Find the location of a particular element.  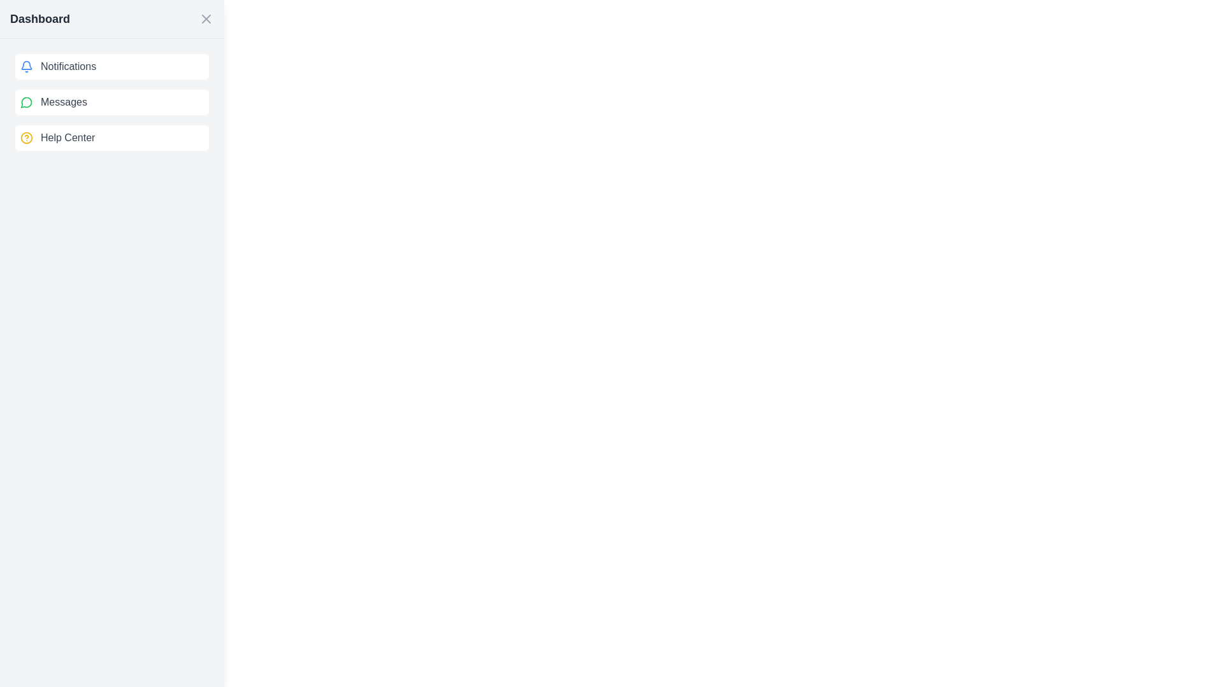

the 'Help Center' icon located at the start of the 'Help Center' menu item in the vertical list of menus for navigation is located at coordinates (27, 137).